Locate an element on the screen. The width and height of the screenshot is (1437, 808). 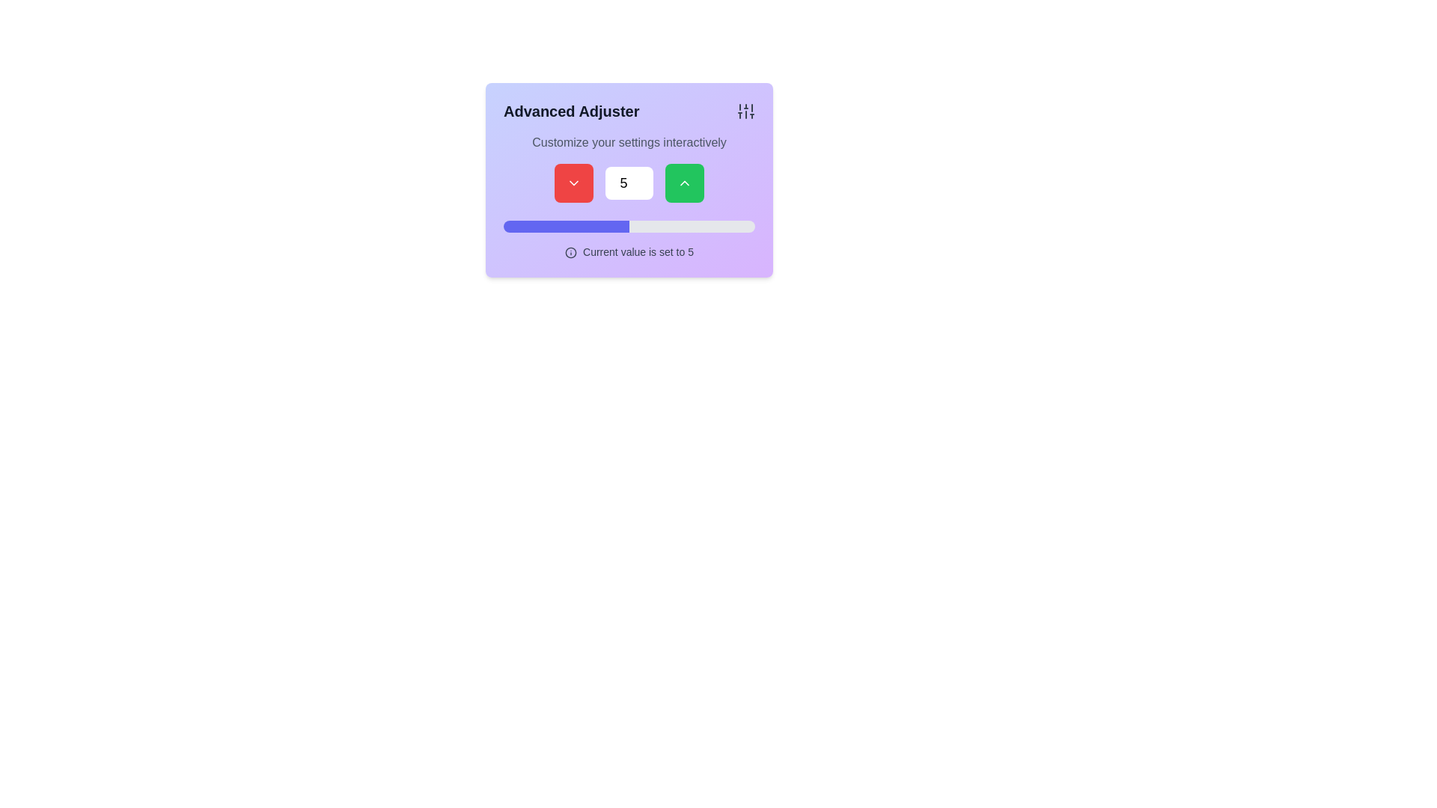
the Chevron-Up icon inside the green rounded button, which indicates an upward action and is positioned right among three buttons in the settings adjustment card is located at coordinates (684, 183).